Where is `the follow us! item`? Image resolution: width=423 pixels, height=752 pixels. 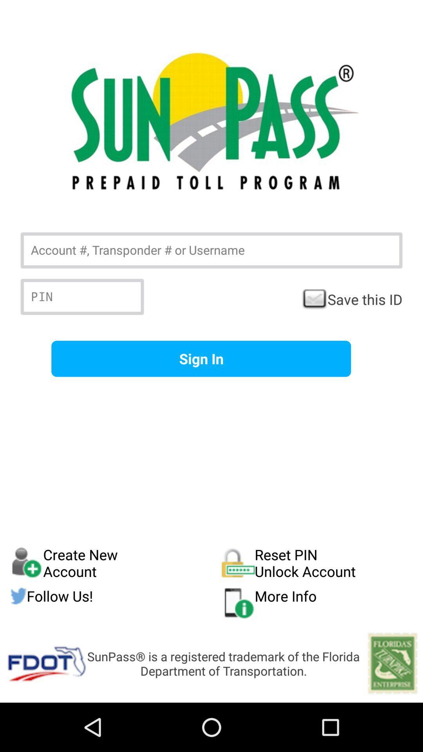 the follow us! item is located at coordinates (116, 595).